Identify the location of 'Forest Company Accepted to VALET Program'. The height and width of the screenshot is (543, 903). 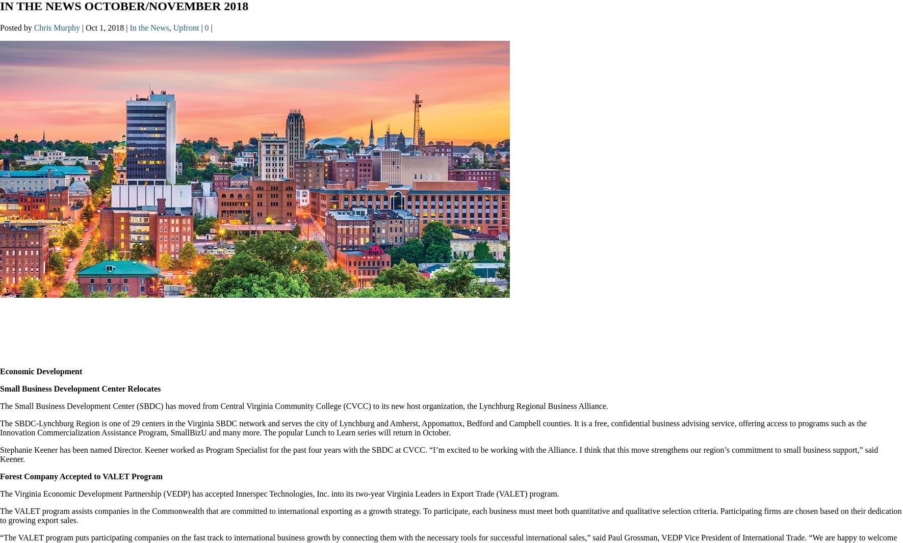
(81, 476).